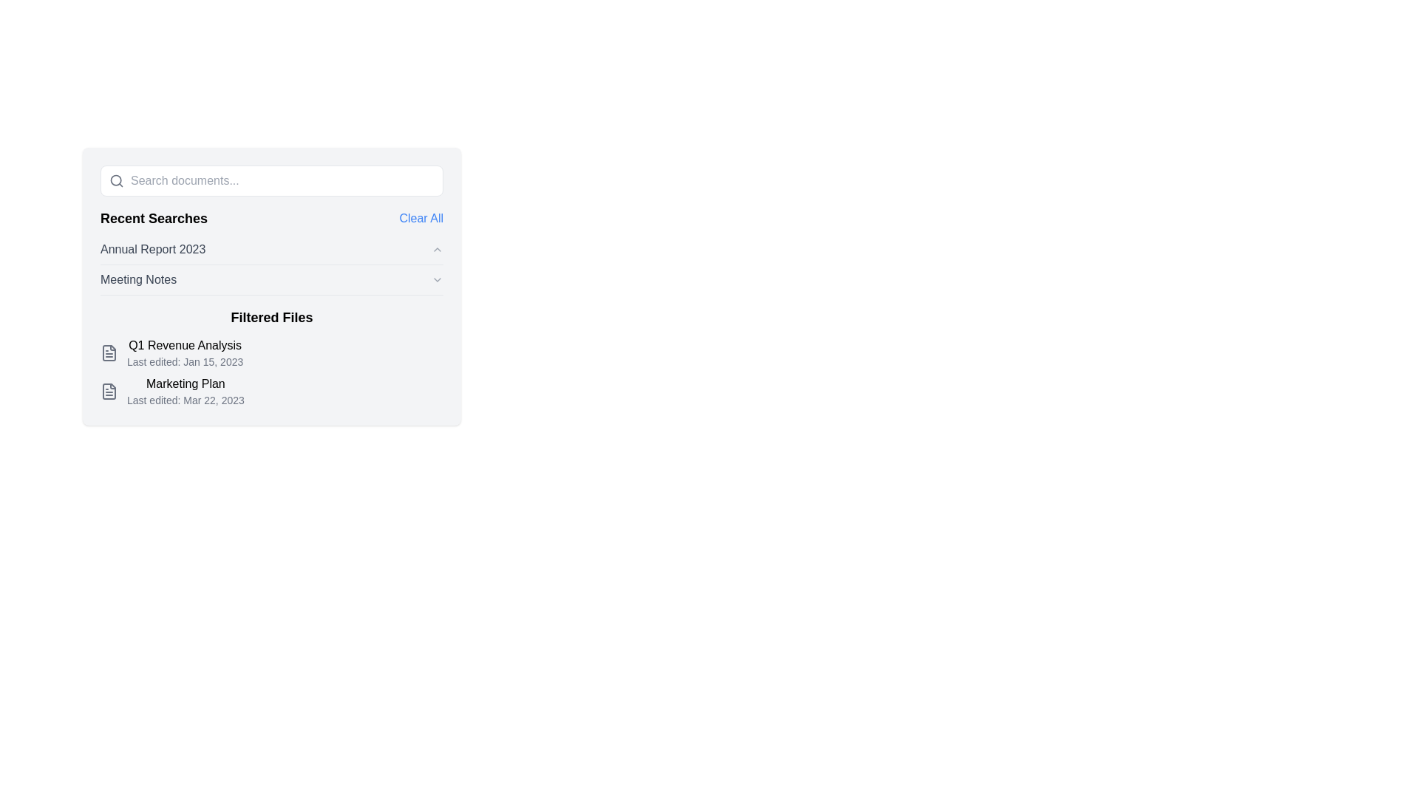 Image resolution: width=1419 pixels, height=798 pixels. Describe the element at coordinates (112, 180) in the screenshot. I see `the magnifying glass icon used for search functionality, which is located to the left side of the search input field with placeholder text 'Search documents...'` at that location.